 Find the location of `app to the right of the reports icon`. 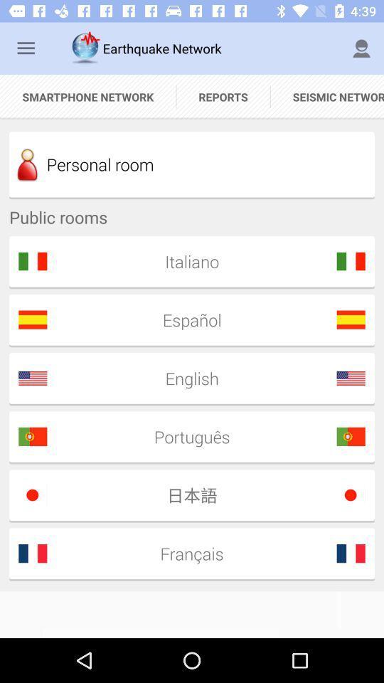

app to the right of the reports icon is located at coordinates (327, 96).